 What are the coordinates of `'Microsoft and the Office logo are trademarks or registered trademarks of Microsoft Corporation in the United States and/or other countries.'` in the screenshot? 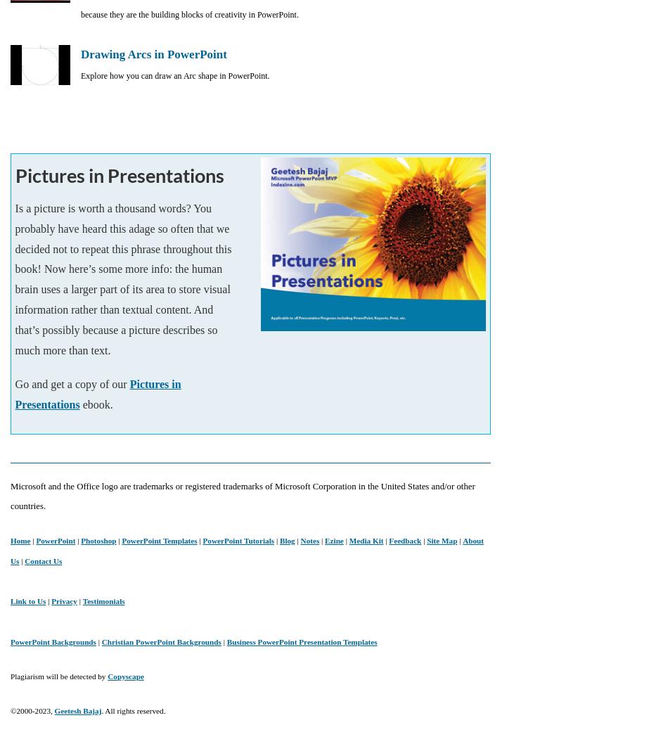 It's located at (242, 495).